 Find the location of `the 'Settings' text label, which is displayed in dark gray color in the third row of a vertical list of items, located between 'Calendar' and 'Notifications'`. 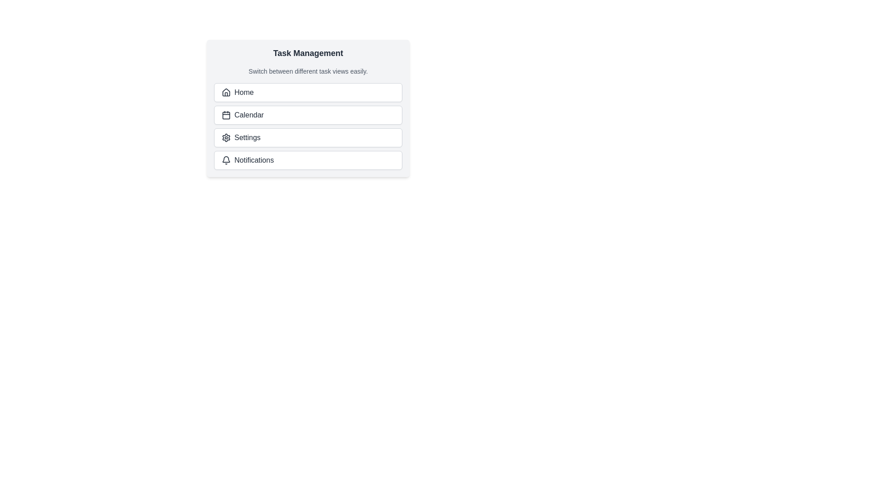

the 'Settings' text label, which is displayed in dark gray color in the third row of a vertical list of items, located between 'Calendar' and 'Notifications' is located at coordinates (247, 137).